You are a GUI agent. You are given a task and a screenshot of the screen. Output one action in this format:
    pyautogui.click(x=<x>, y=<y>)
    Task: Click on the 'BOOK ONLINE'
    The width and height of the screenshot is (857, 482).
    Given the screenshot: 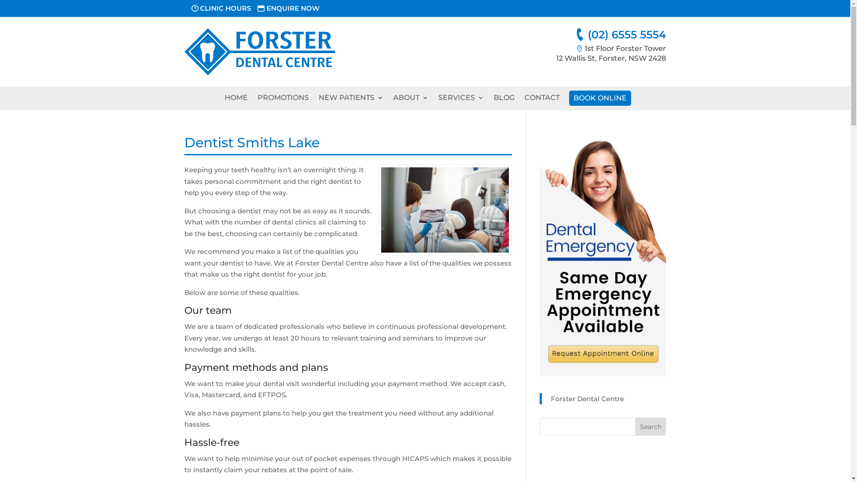 What is the action you would take?
    pyautogui.click(x=599, y=100)
    